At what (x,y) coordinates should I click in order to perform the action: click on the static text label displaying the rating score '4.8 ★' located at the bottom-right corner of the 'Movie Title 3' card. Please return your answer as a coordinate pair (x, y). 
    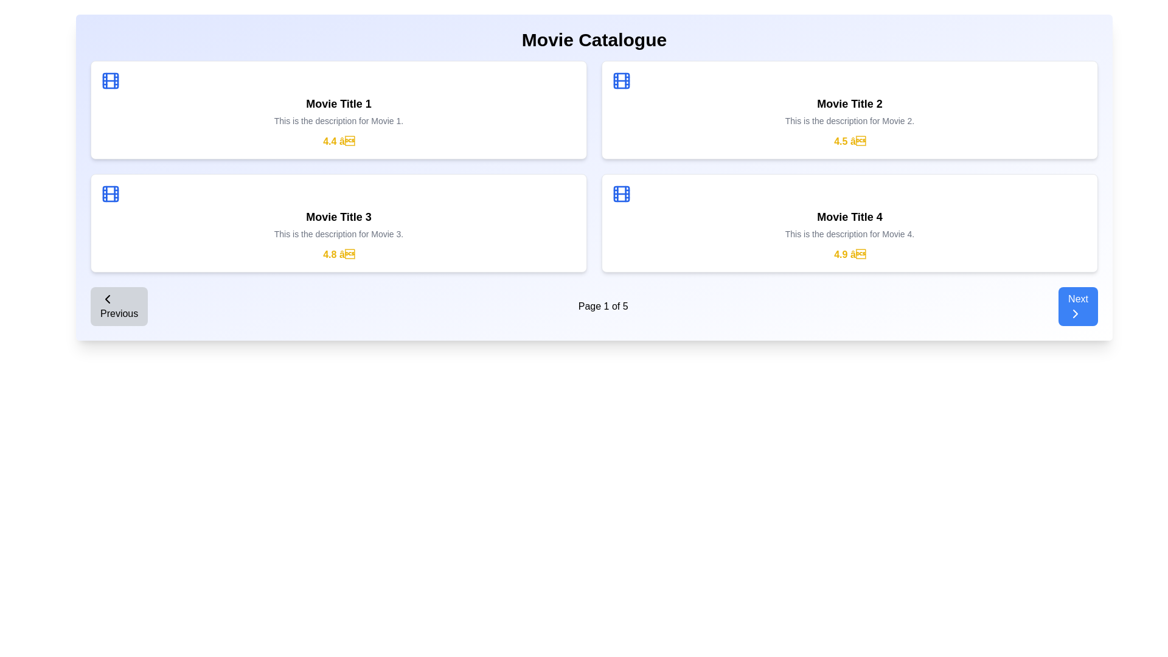
    Looking at the image, I should click on (338, 253).